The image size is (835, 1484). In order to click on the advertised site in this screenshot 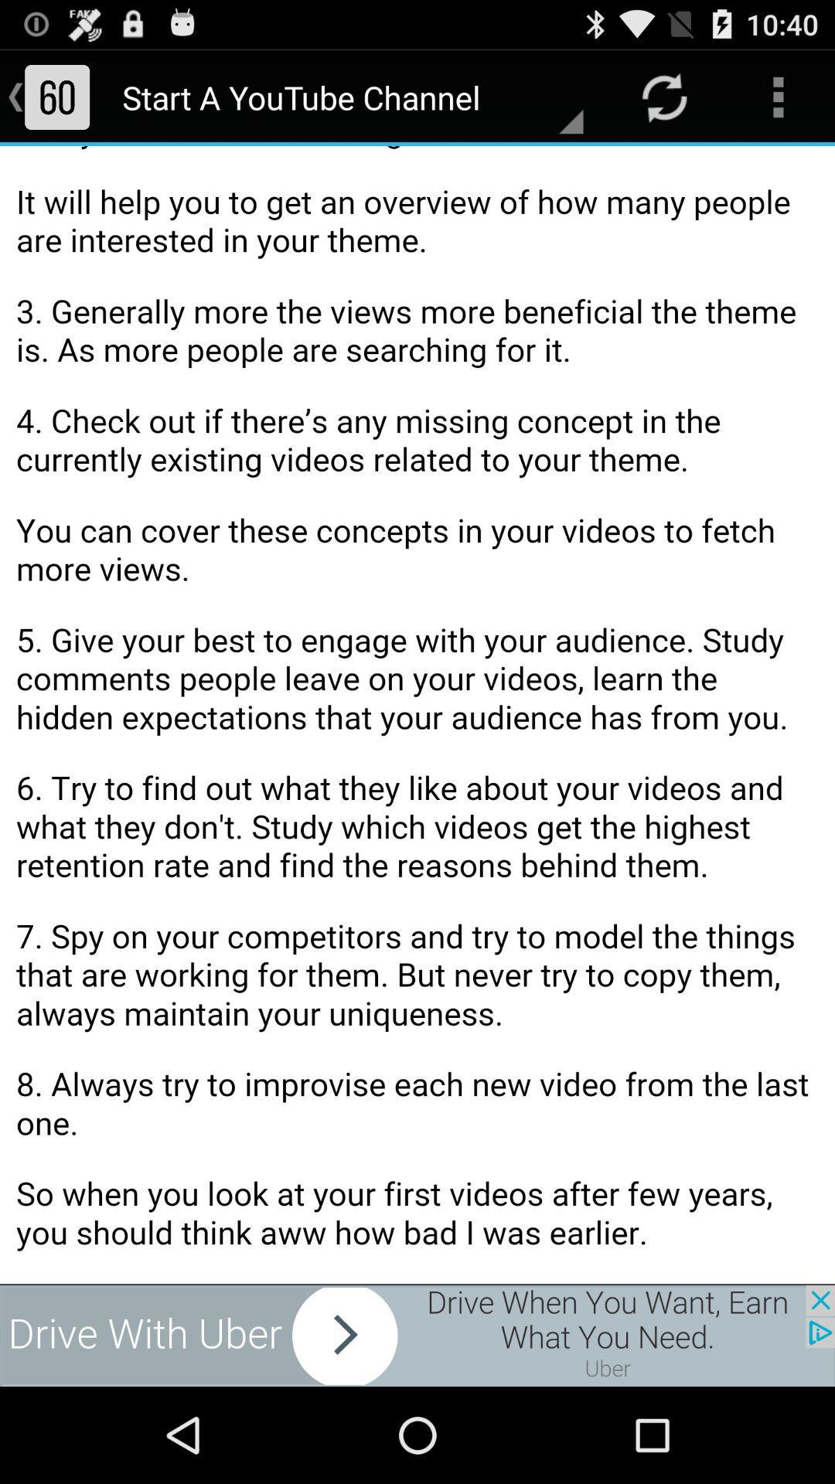, I will do `click(417, 1335)`.